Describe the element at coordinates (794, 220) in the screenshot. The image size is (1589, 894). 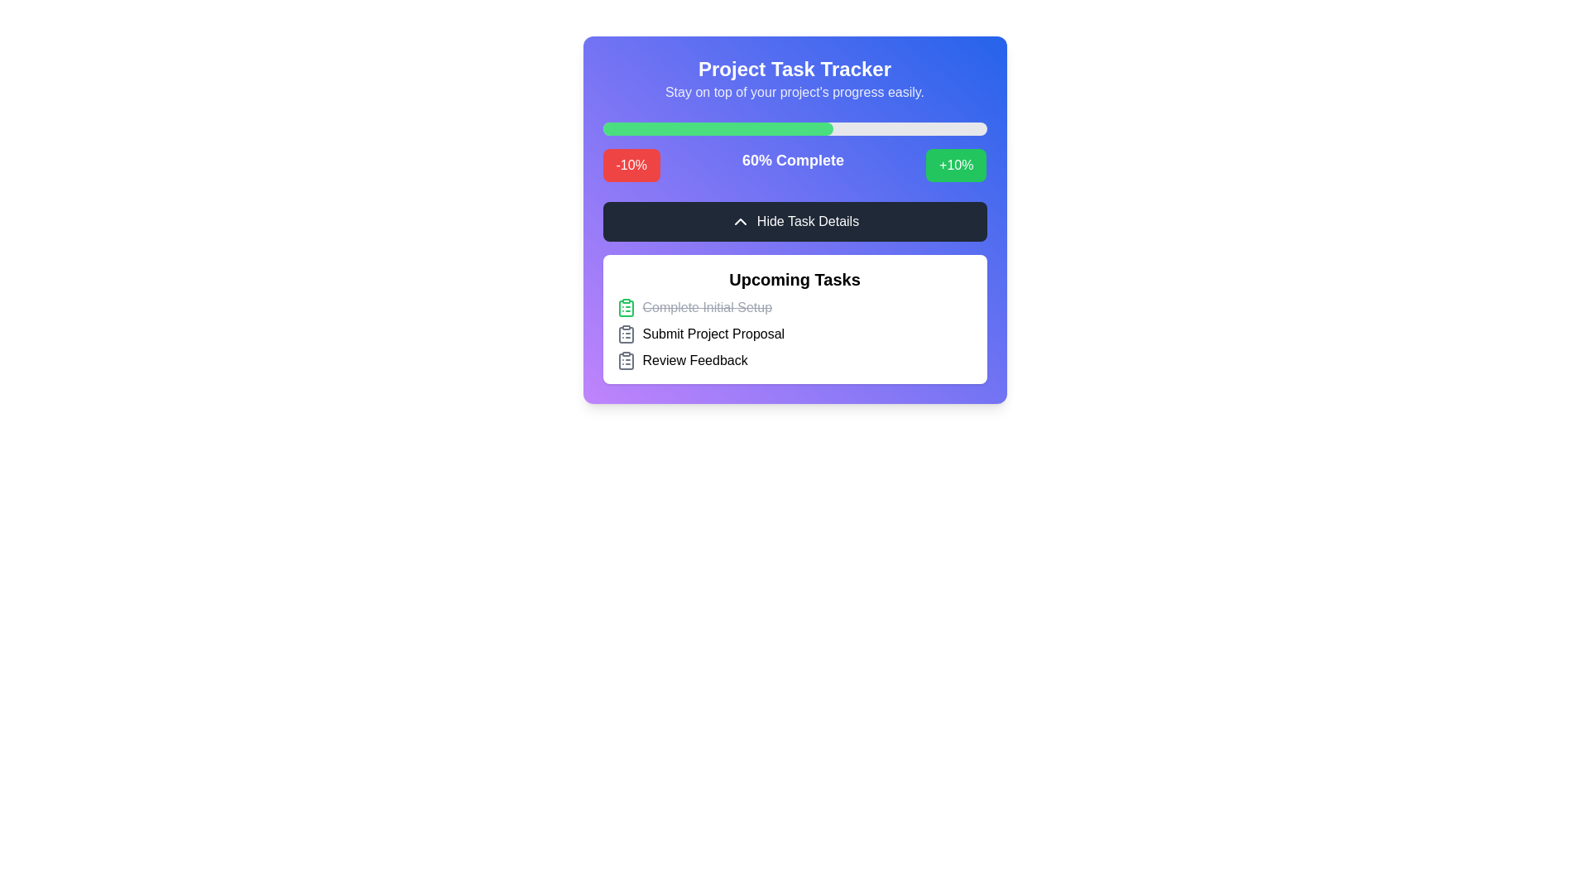
I see `the dark-gray button labeled 'Hide Task Details' with an upward-pointing chevron icon` at that location.